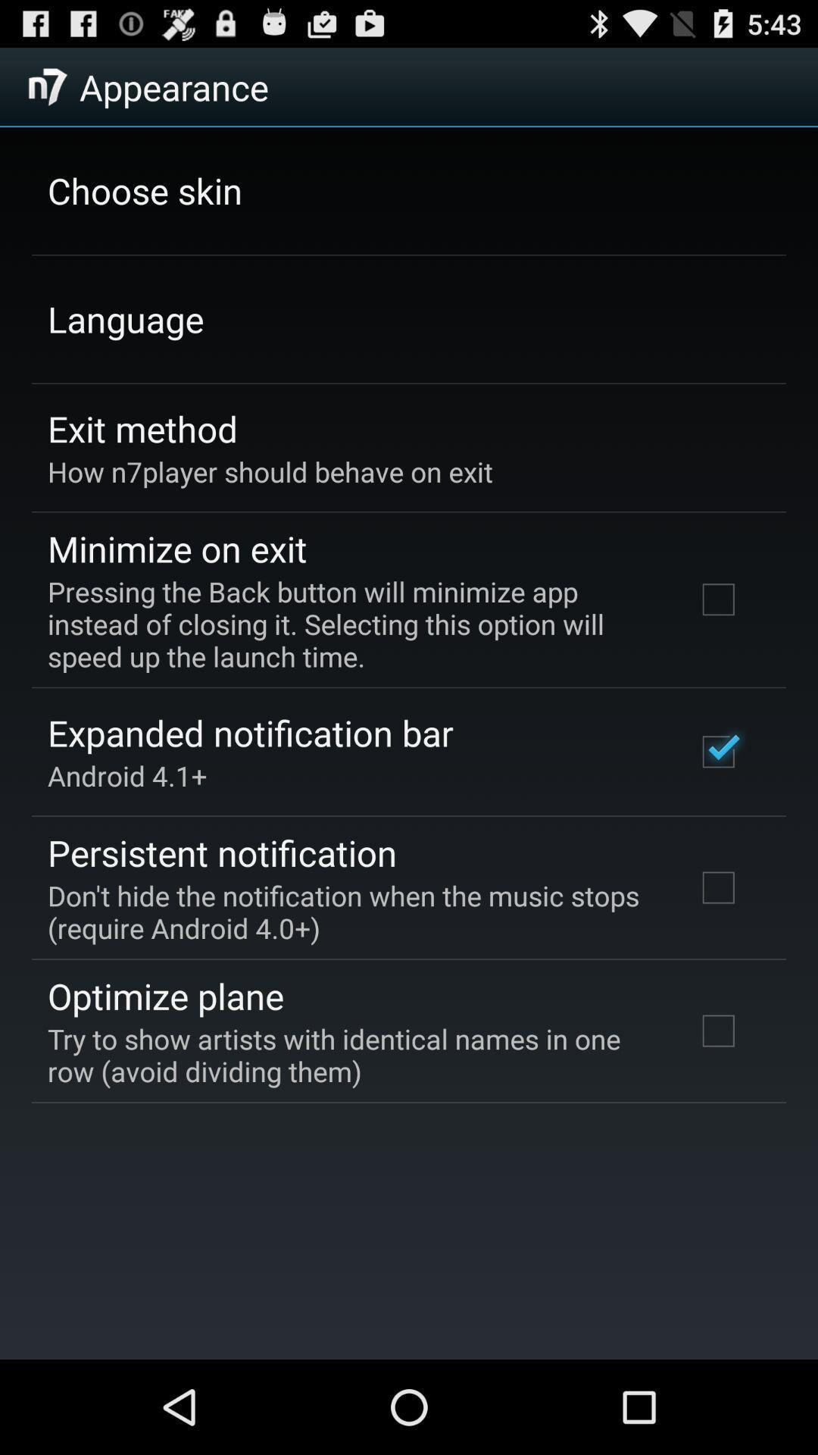 Image resolution: width=818 pixels, height=1455 pixels. What do you see at coordinates (222, 853) in the screenshot?
I see `the persistent notification` at bounding box center [222, 853].